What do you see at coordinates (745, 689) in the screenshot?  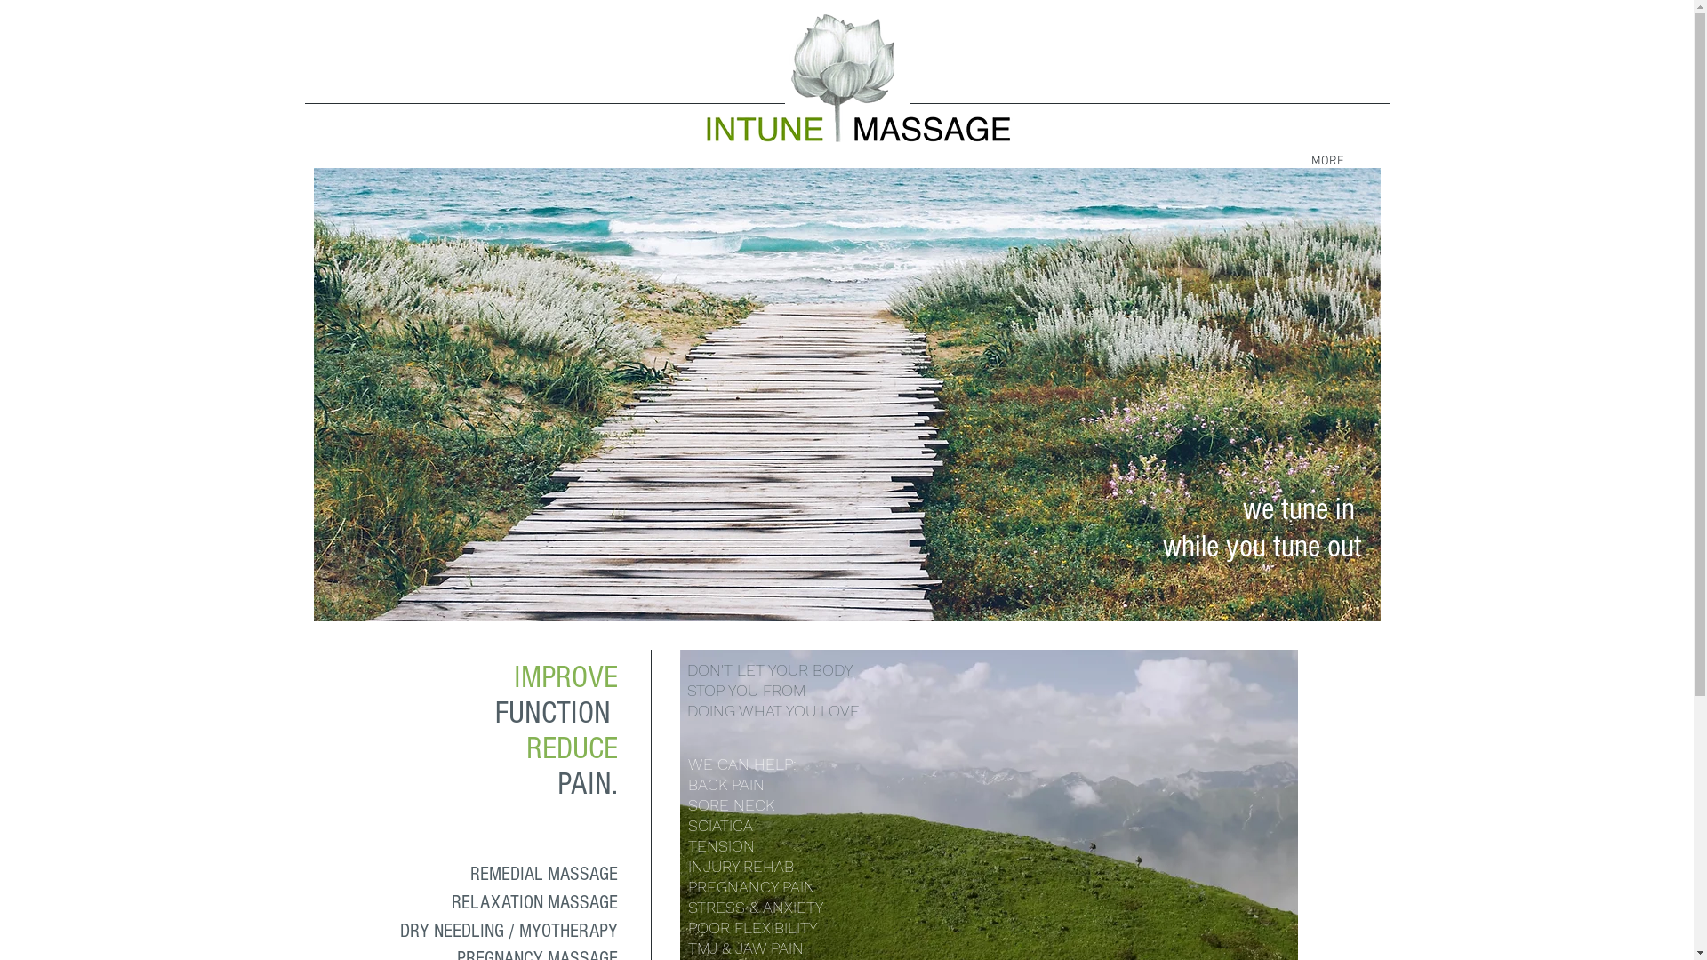 I see `'STOP YOU FROM'` at bounding box center [745, 689].